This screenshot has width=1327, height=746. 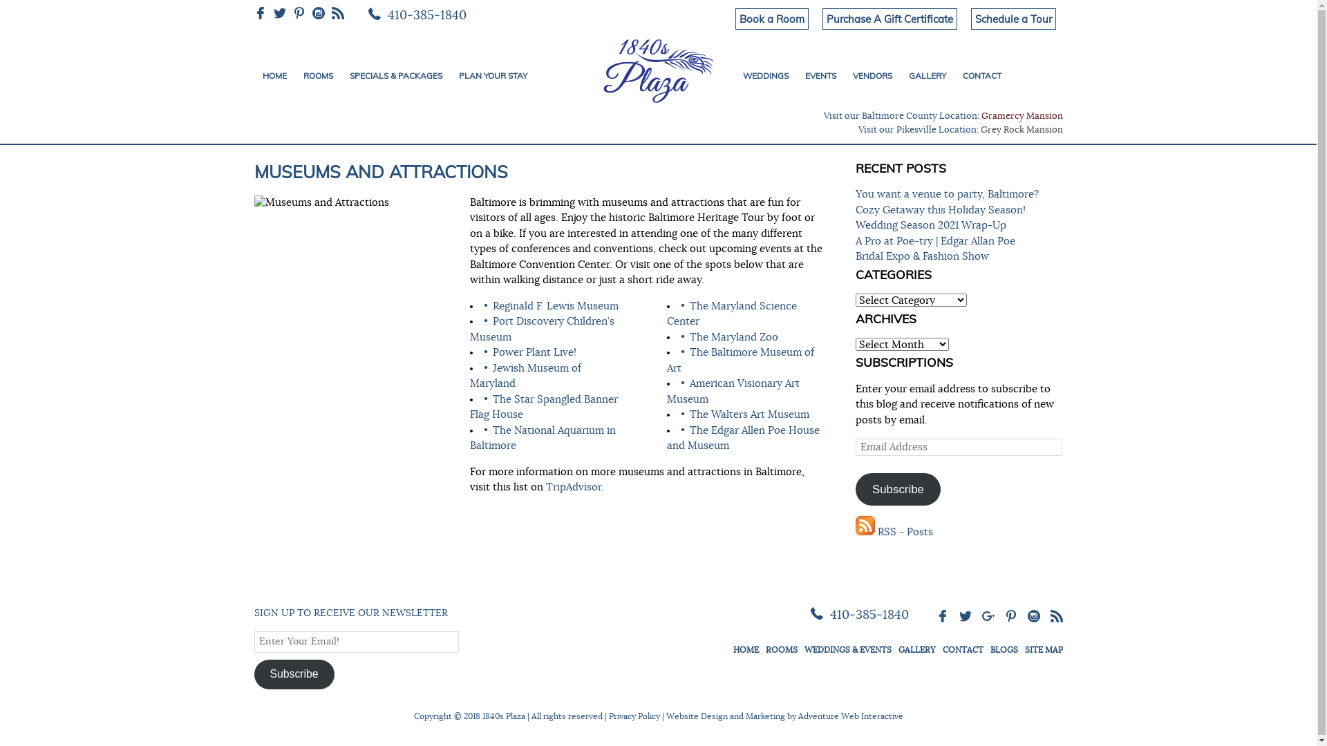 What do you see at coordinates (981, 76) in the screenshot?
I see `'CONTACT'` at bounding box center [981, 76].